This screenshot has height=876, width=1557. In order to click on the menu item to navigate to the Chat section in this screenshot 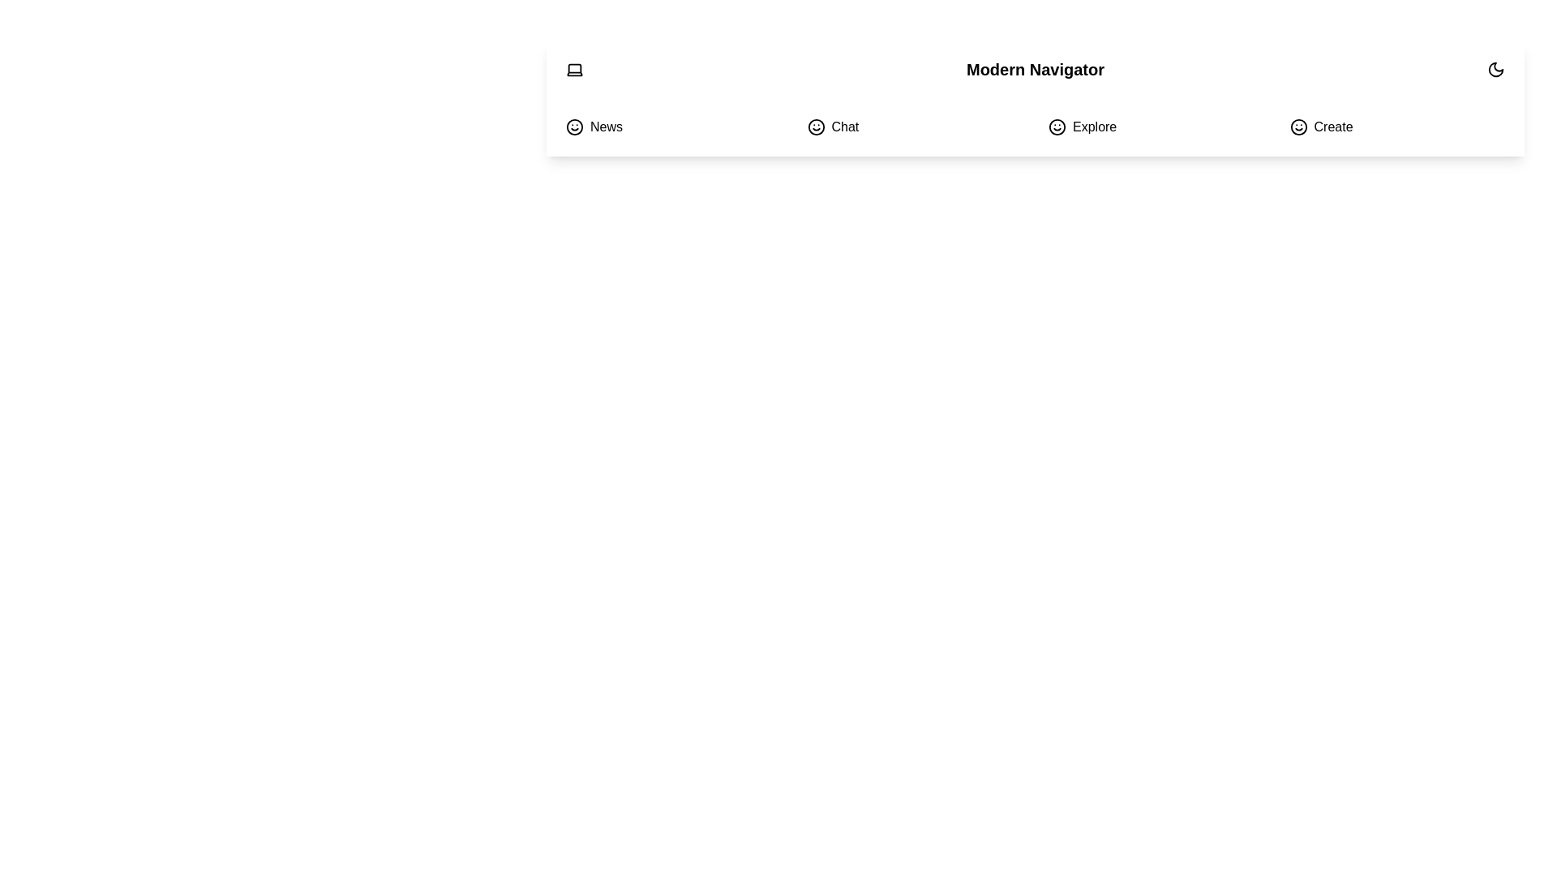, I will do `click(915, 127)`.